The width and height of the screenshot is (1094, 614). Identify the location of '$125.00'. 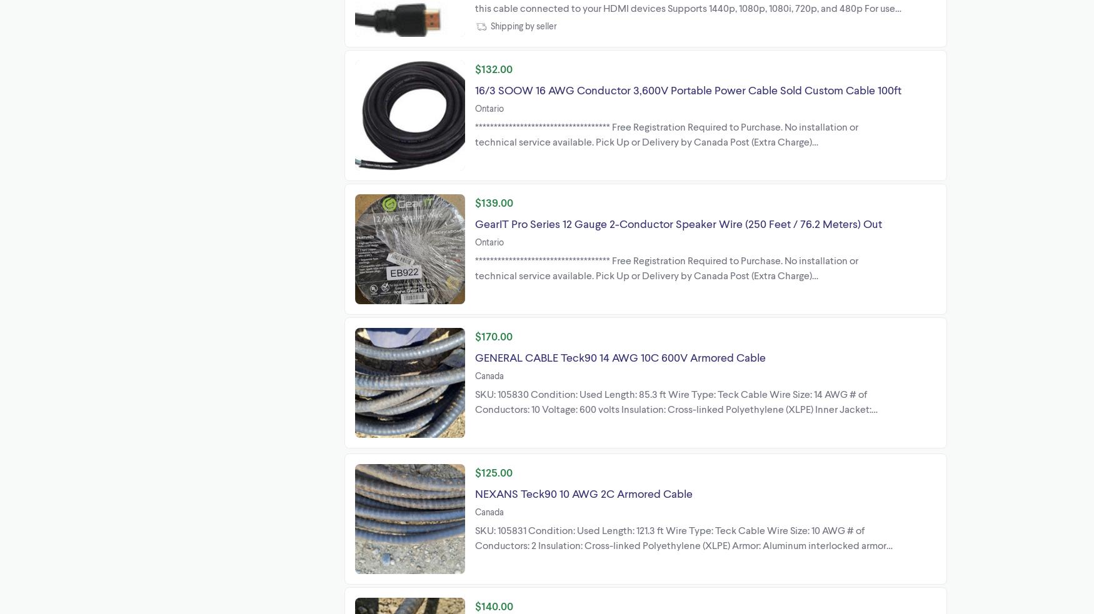
(474, 471).